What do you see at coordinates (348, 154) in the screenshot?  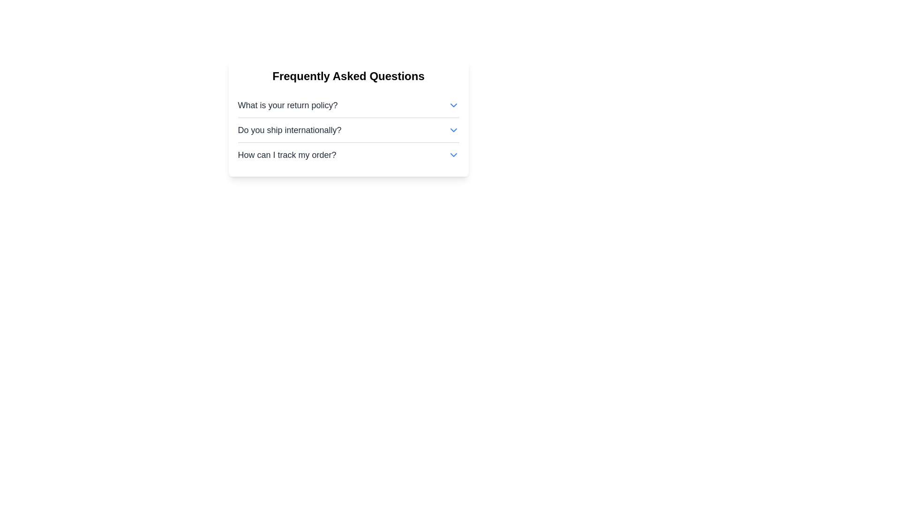 I see `the Expandable FAQ item related to tracking an order for keyboard navigation` at bounding box center [348, 154].